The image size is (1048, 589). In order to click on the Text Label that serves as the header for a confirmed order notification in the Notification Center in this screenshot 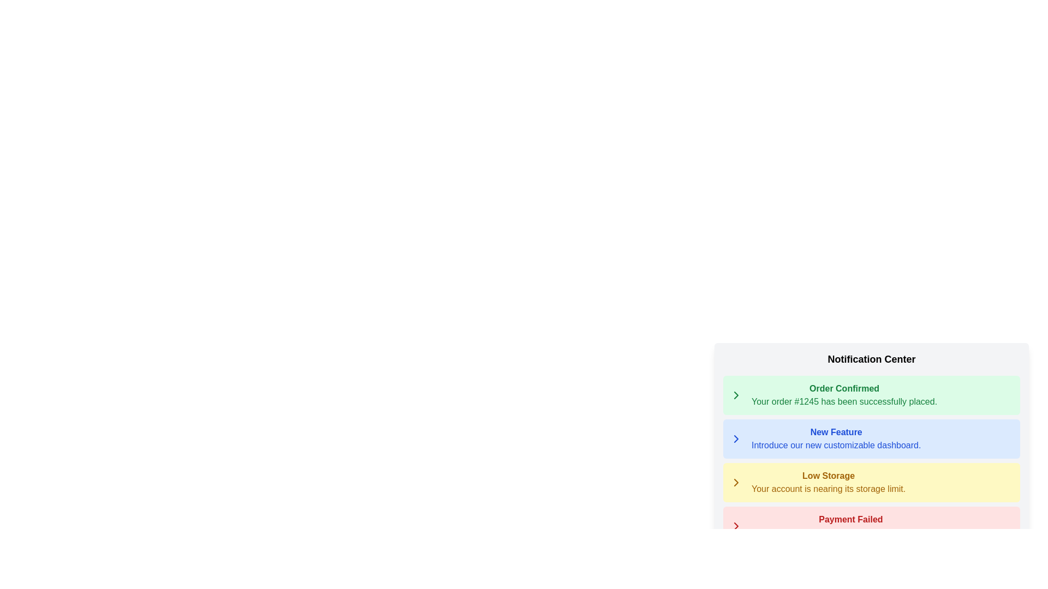, I will do `click(843, 388)`.